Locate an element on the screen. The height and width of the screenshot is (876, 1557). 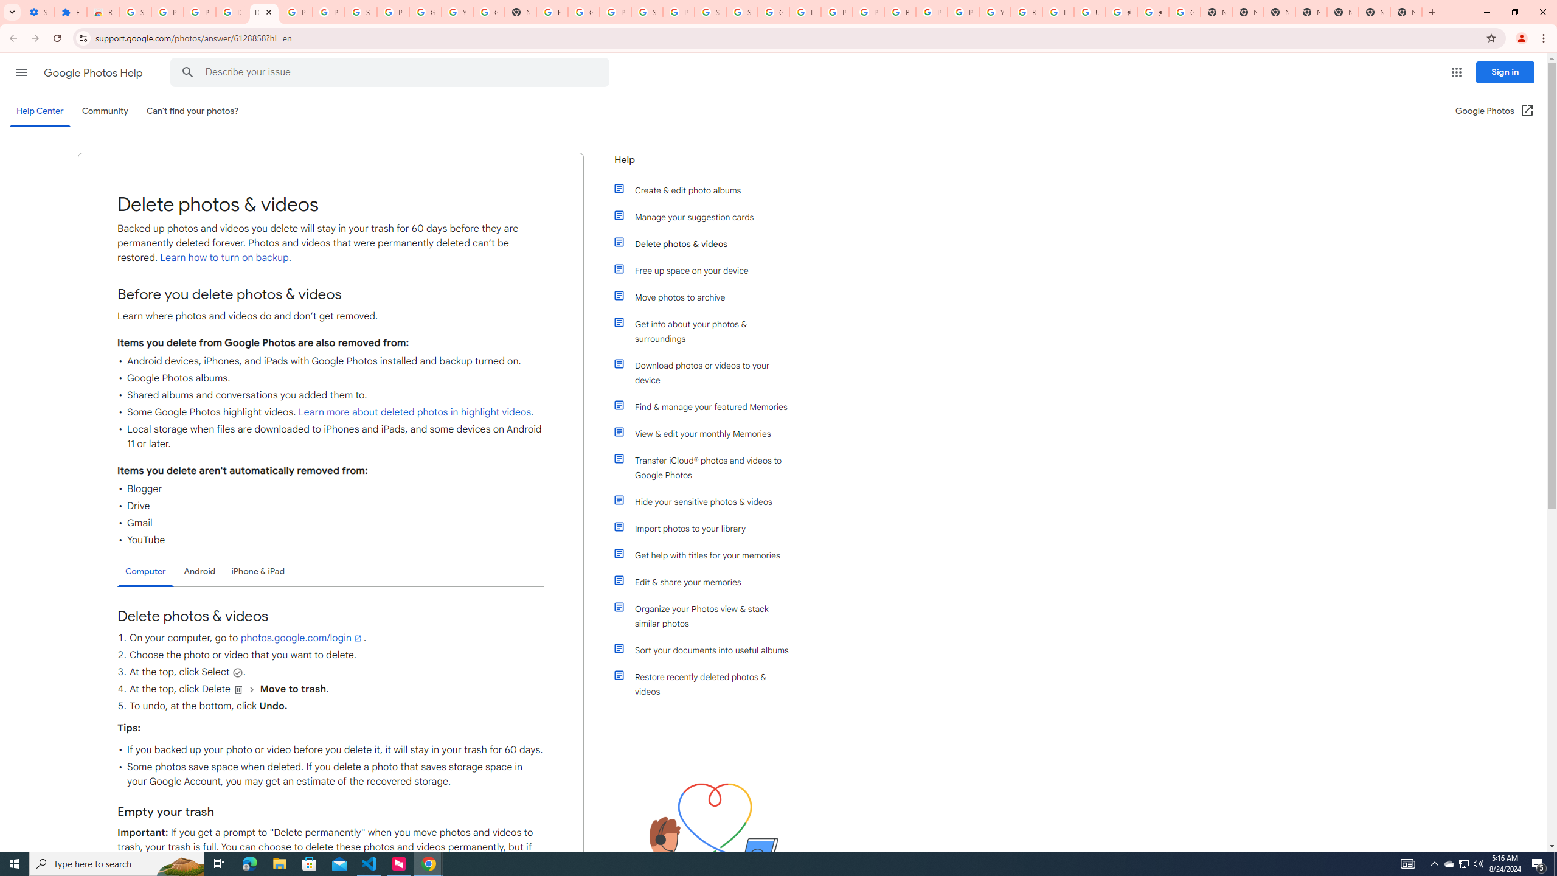
'photos.google.com/login' is located at coordinates (302, 638).